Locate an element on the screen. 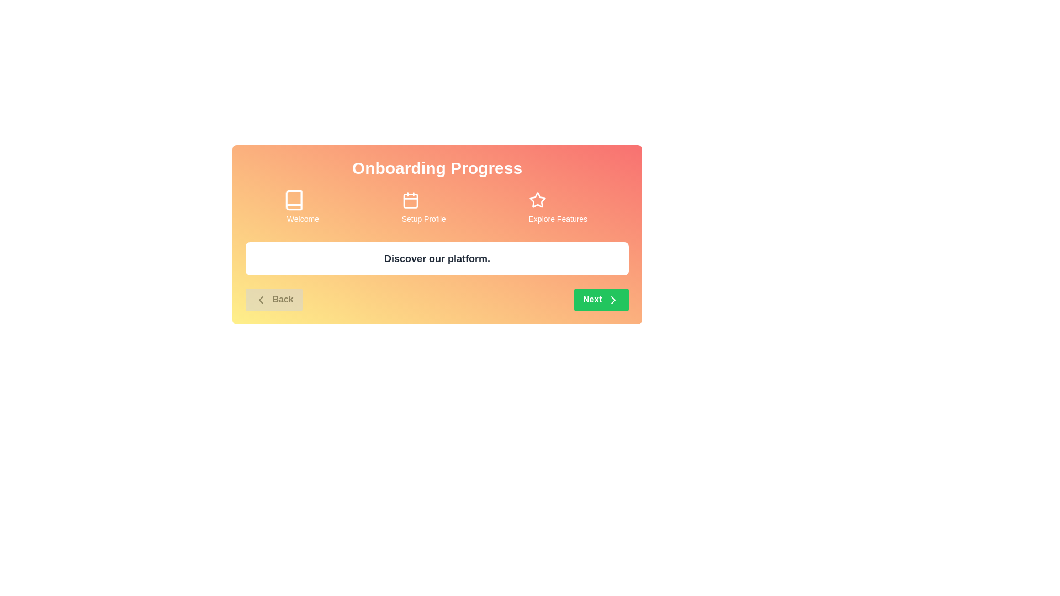  the step icon labeled 'Setup Profile' to view its visual state changes is located at coordinates (423, 200).